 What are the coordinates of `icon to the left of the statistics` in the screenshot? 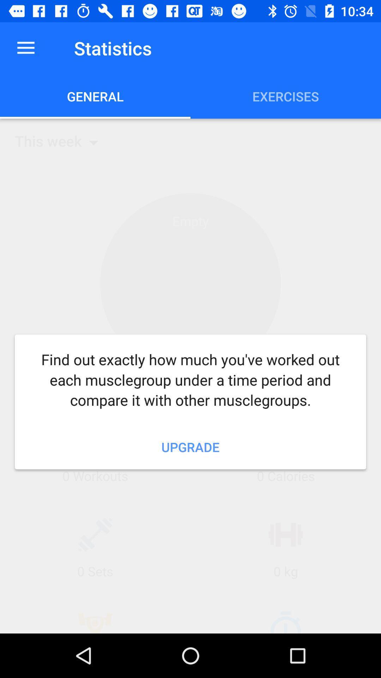 It's located at (25, 48).